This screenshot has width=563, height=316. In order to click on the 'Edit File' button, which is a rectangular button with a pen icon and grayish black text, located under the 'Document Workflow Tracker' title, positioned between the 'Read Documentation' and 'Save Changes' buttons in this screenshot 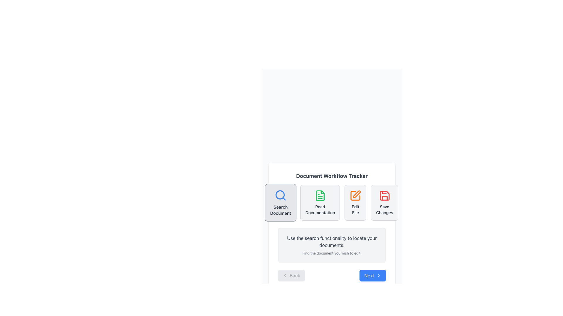, I will do `click(355, 202)`.